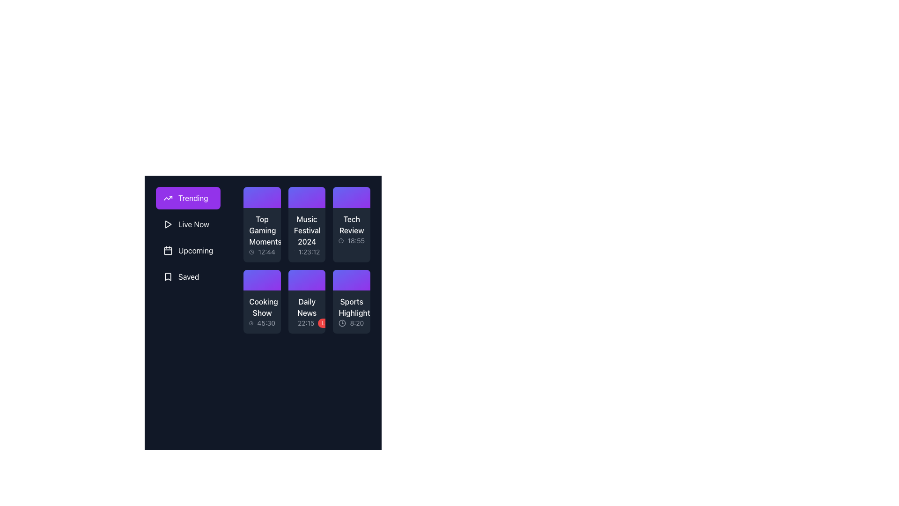 Image resolution: width=899 pixels, height=506 pixels. Describe the element at coordinates (168, 224) in the screenshot. I see `the triangular play icon with a white outline located to the left of the 'Live Now' label` at that location.